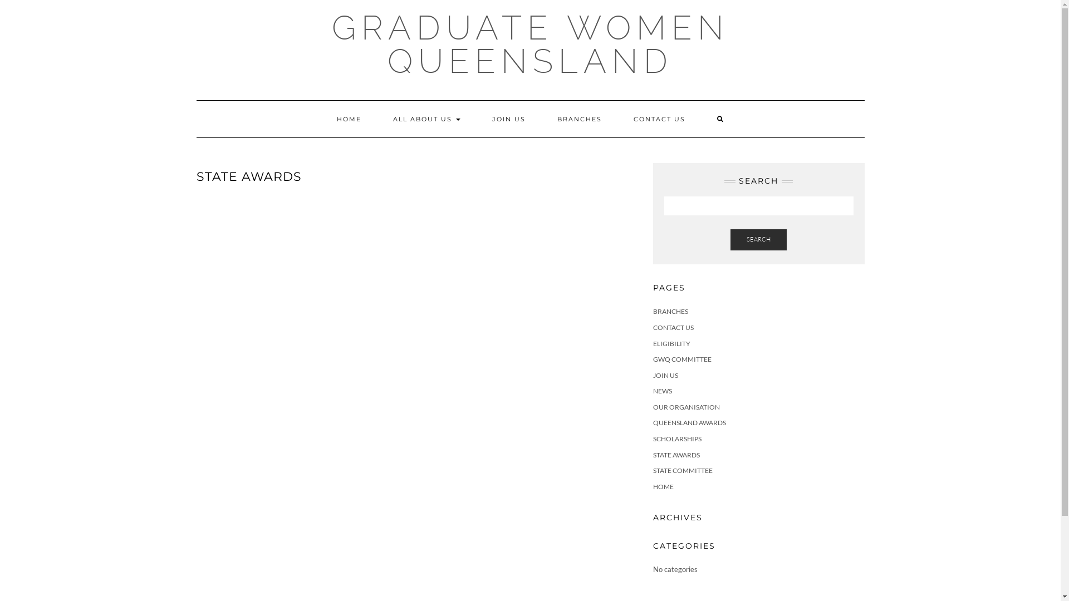 This screenshot has width=1069, height=601. What do you see at coordinates (659, 119) in the screenshot?
I see `'CONTACT US'` at bounding box center [659, 119].